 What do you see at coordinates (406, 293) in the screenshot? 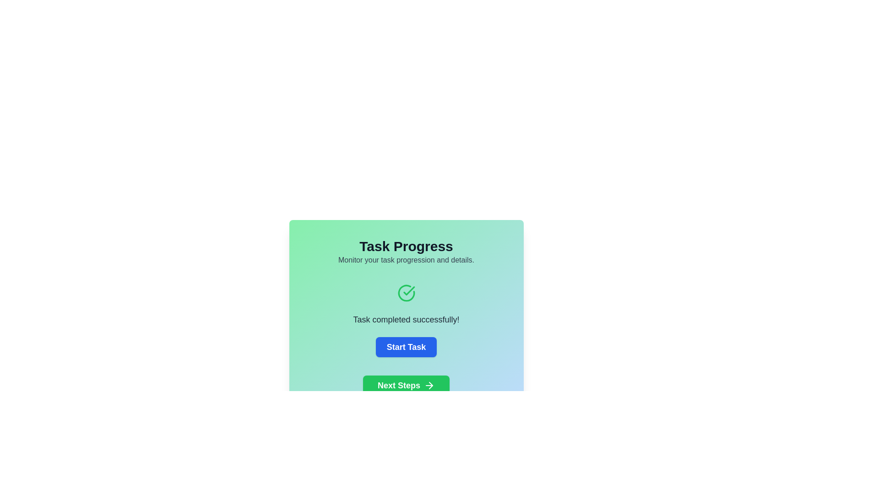
I see `the confirmation icon indicating task completion located under the 'Task Progress' header in the card layout` at bounding box center [406, 293].